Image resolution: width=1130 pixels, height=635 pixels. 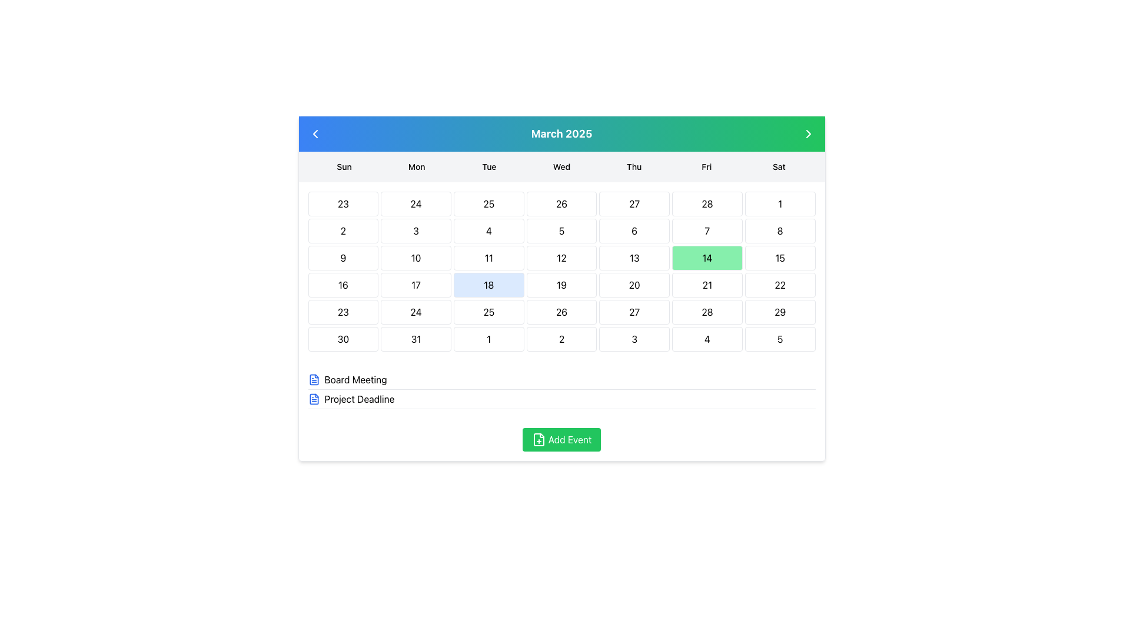 I want to click on the calendar cell representing the 28th of the month, located in the sixth column under the 'Fri' label, so click(x=706, y=203).